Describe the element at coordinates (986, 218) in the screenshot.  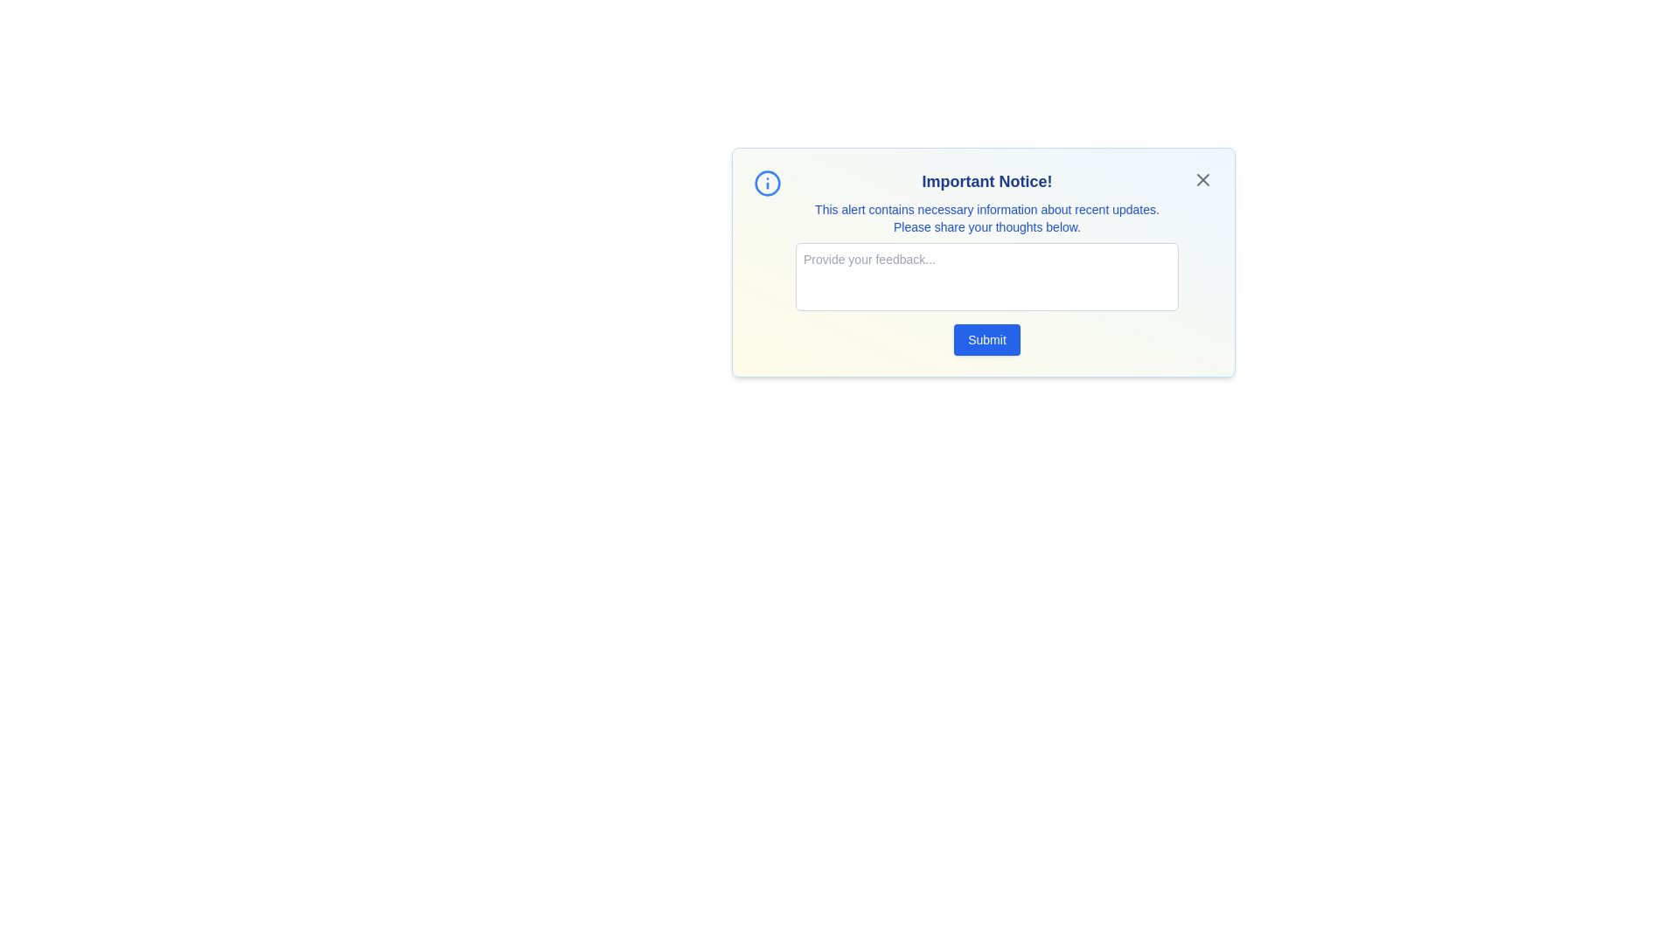
I see `the descriptive Text block that provides important information and prompts users to share their thoughts, located below the heading 'Important Notice!' and above the feedback input field` at that location.